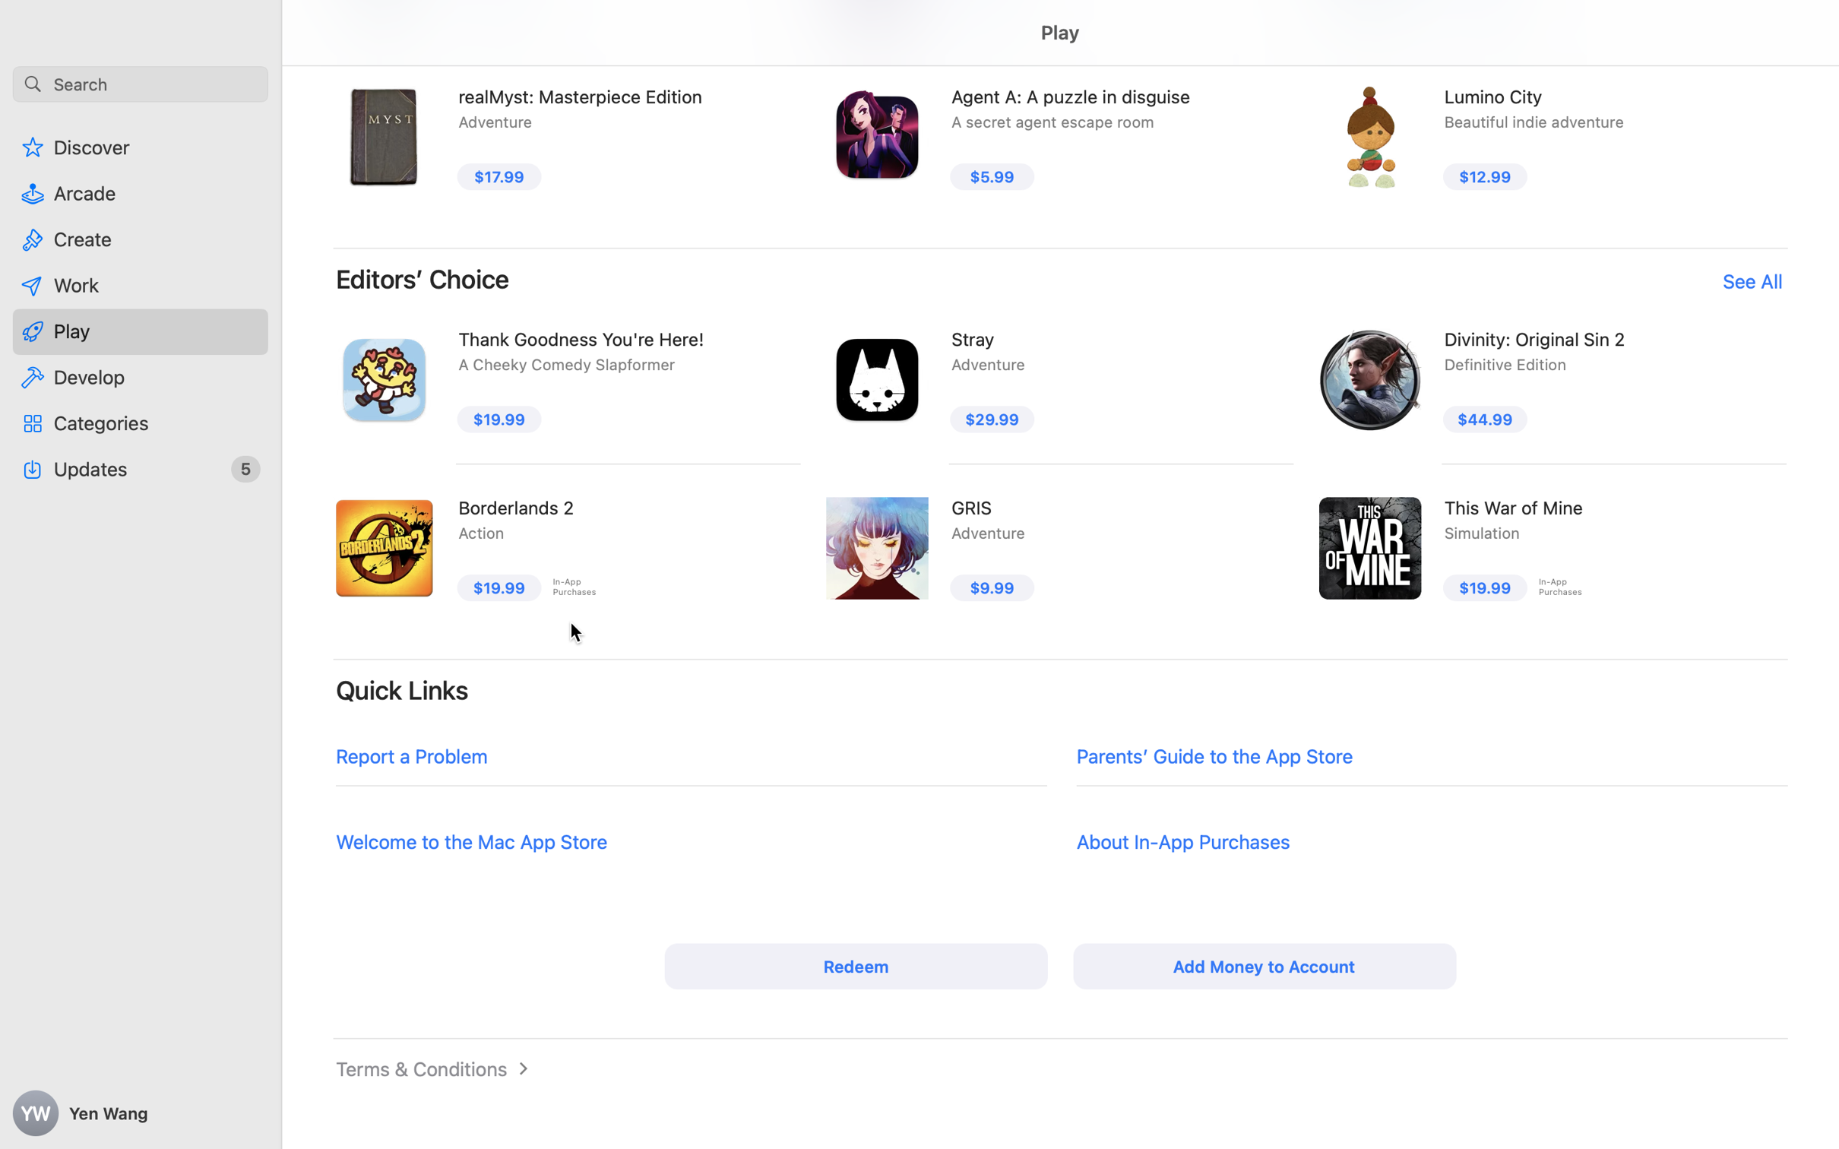 The height and width of the screenshot is (1149, 1839). I want to click on 'Editors’ Choice', so click(422, 278).